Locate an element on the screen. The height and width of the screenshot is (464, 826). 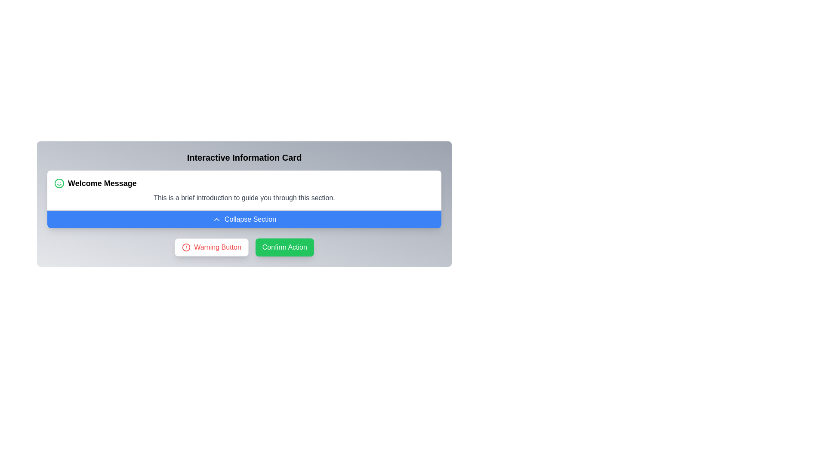
the upward chevron icon that indicates the collapse functionality of the section, which is centered within the blue button labeled 'Collapse Section.' is located at coordinates (217, 219).